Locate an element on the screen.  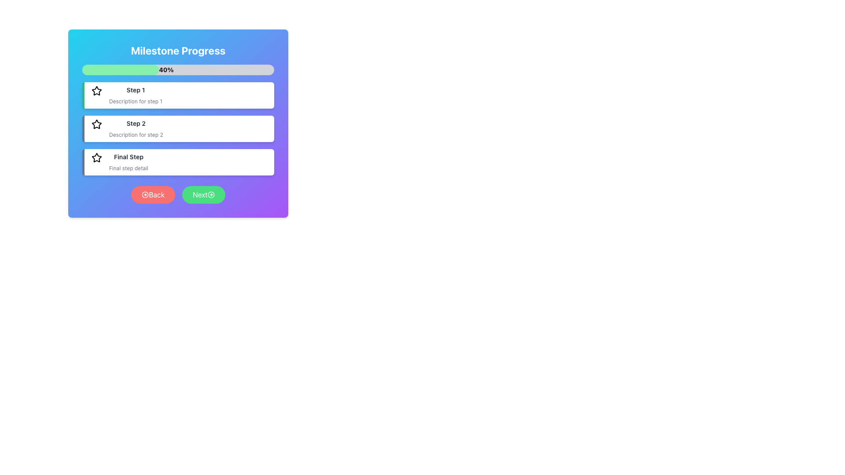
the star-shaped icon with a hollow center and thick black outline, located is located at coordinates (97, 124).